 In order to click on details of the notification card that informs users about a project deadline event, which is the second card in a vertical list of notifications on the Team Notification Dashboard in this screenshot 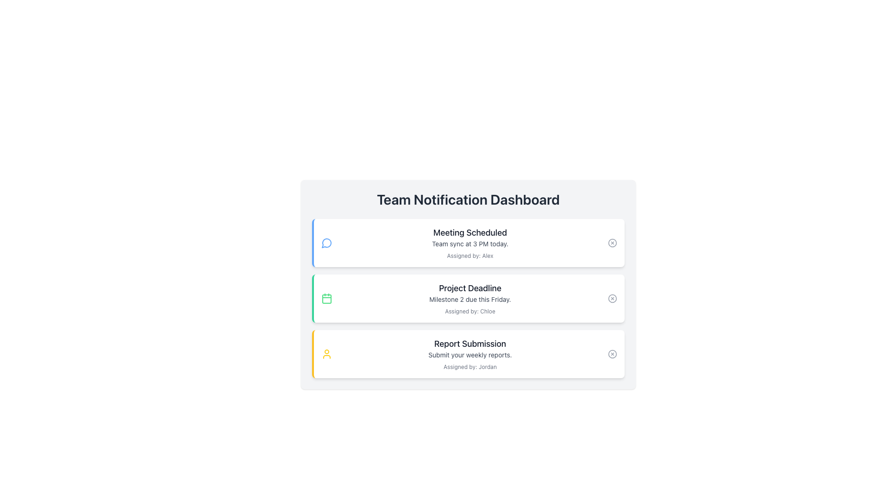, I will do `click(468, 284)`.